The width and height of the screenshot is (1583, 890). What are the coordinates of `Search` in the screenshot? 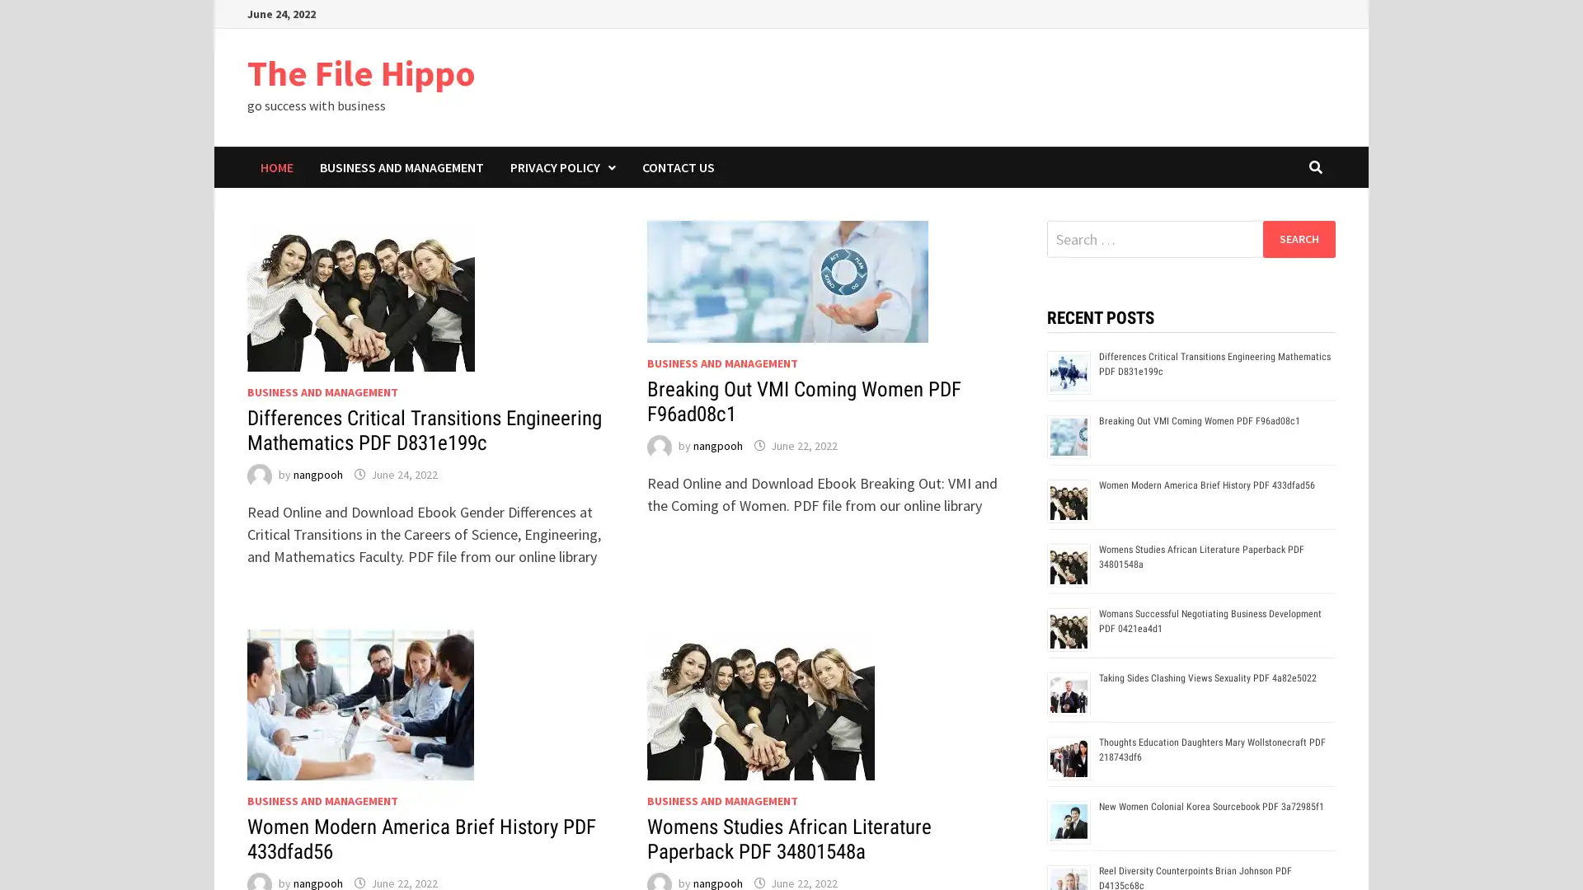 It's located at (1298, 238).